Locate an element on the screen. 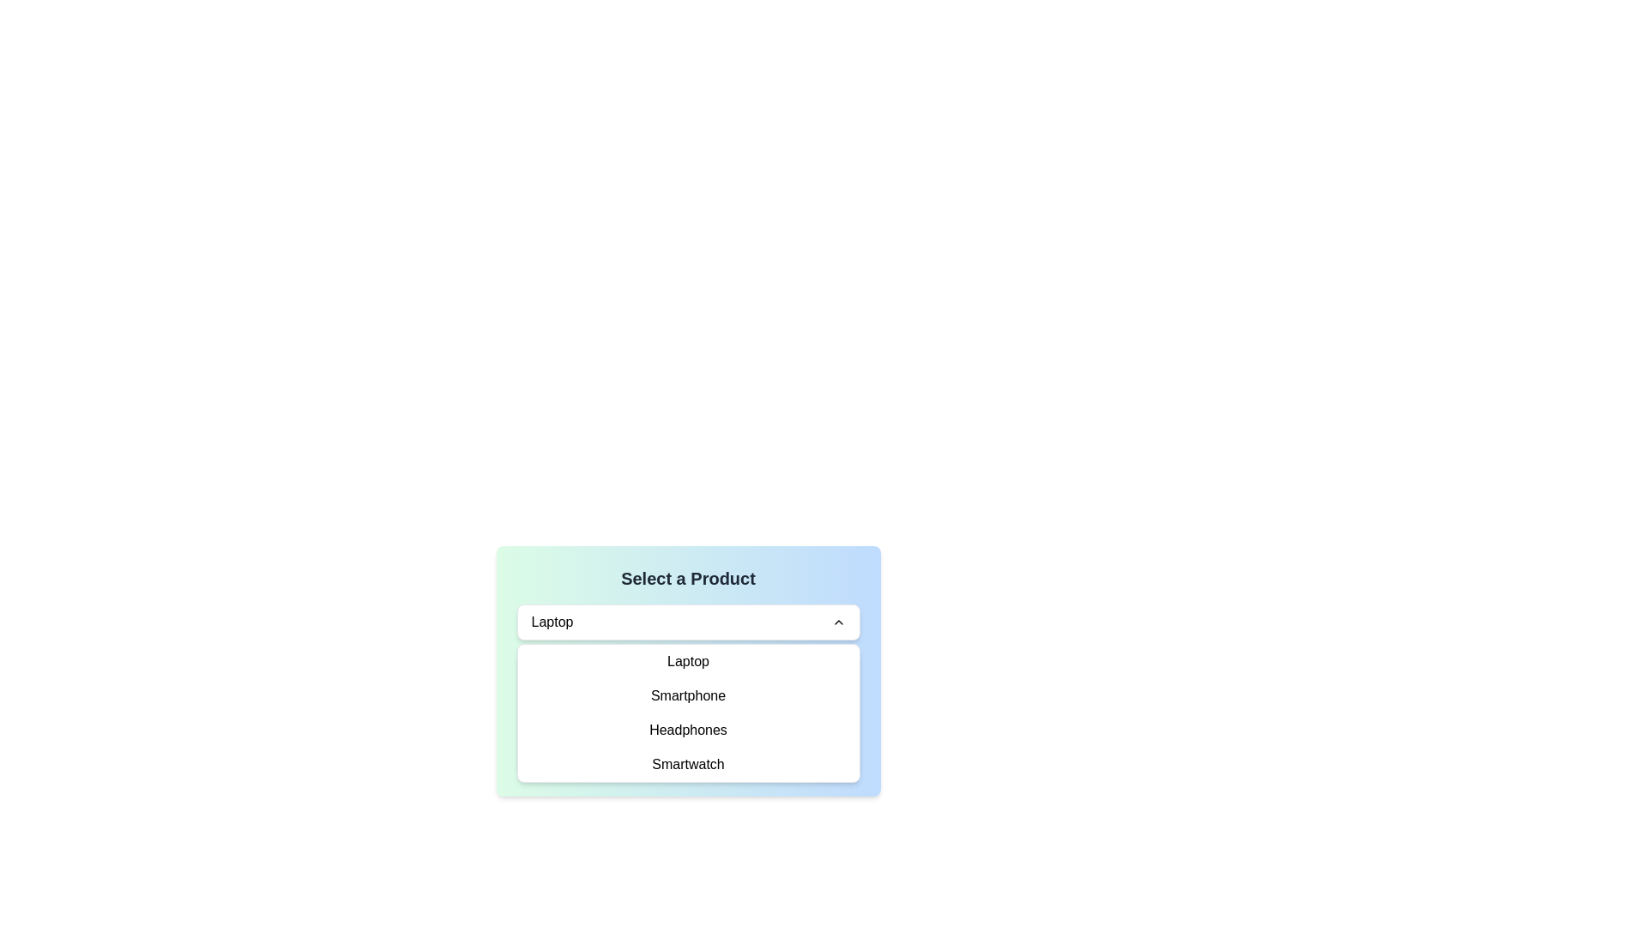 The height and width of the screenshot is (926, 1647). the 'Laptop' text element in the dropdown menu is located at coordinates (688, 660).